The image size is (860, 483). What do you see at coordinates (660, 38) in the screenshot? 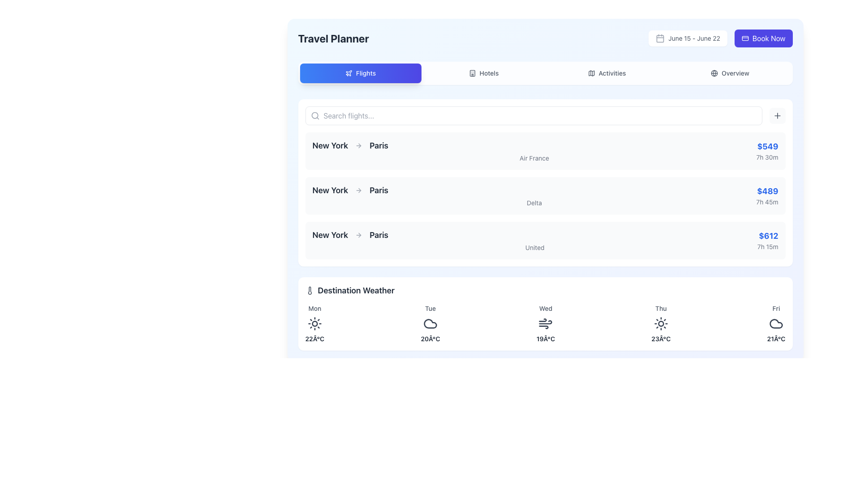
I see `the calendar icon located in the upper-right corner of the interface, which is to the left of the text 'June 15 - June 22.'` at bounding box center [660, 38].